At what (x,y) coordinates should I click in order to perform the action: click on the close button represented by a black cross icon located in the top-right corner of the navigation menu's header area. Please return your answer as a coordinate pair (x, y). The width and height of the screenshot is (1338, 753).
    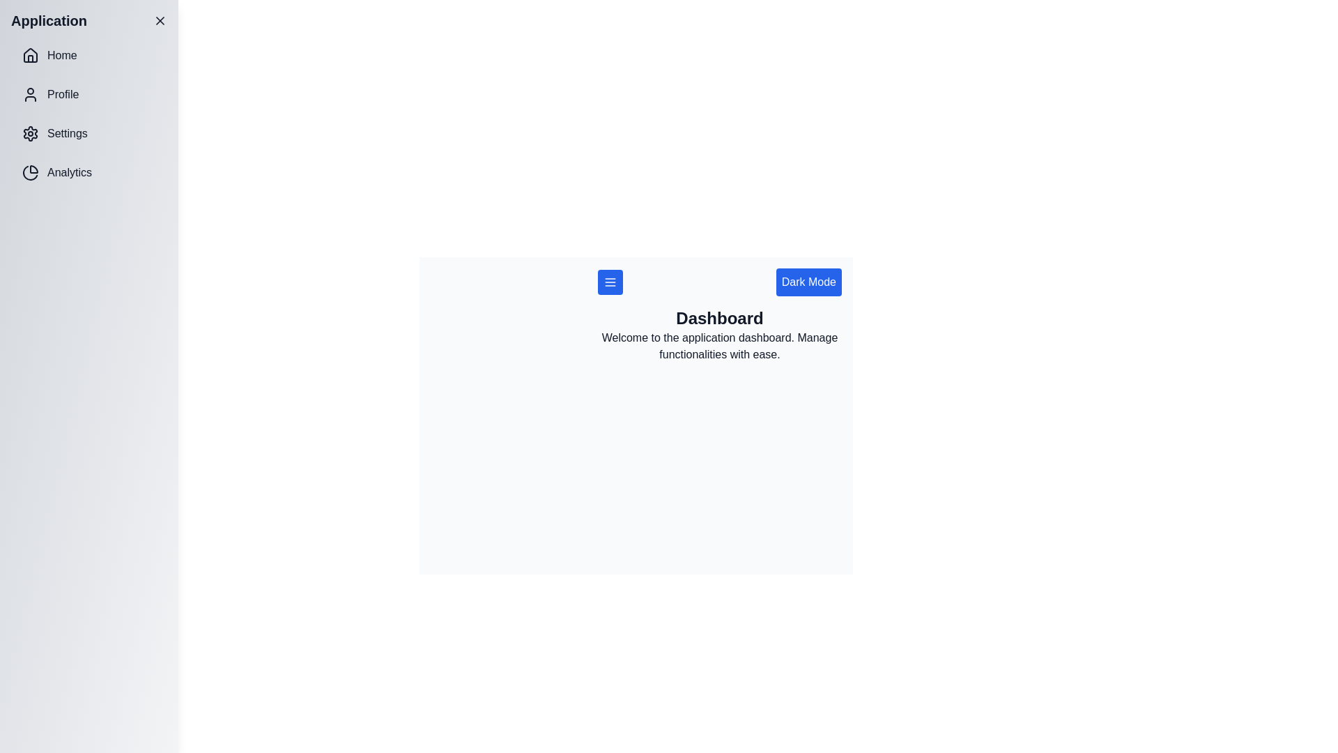
    Looking at the image, I should click on (160, 21).